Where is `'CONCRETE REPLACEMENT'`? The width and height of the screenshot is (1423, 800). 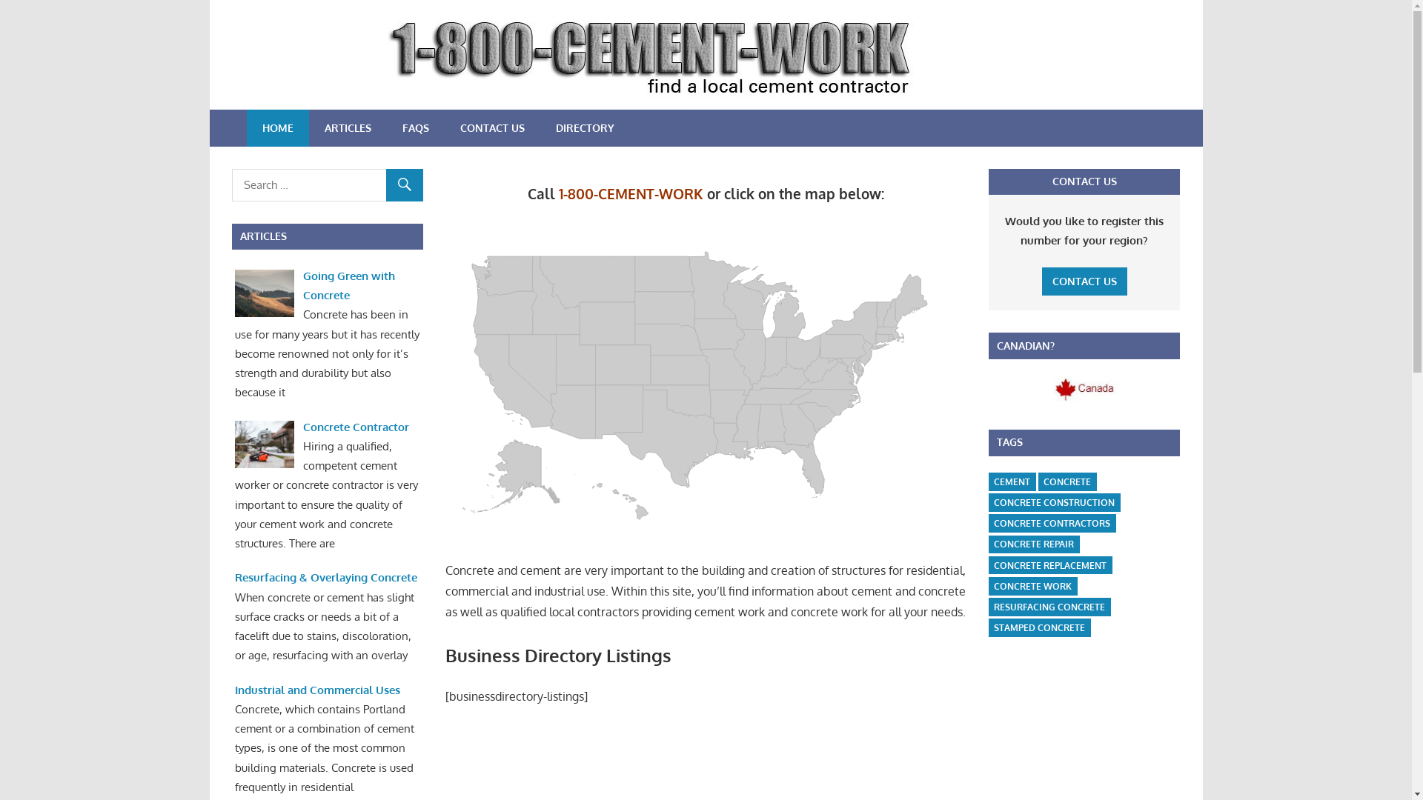
'CONCRETE REPLACEMENT' is located at coordinates (1049, 565).